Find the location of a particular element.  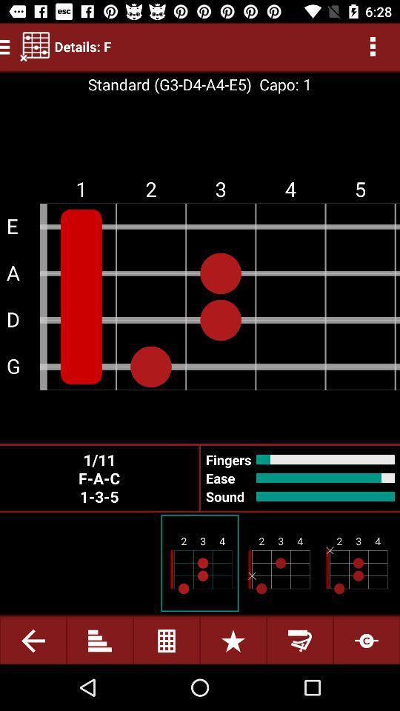

1 11 f icon is located at coordinates (99, 477).